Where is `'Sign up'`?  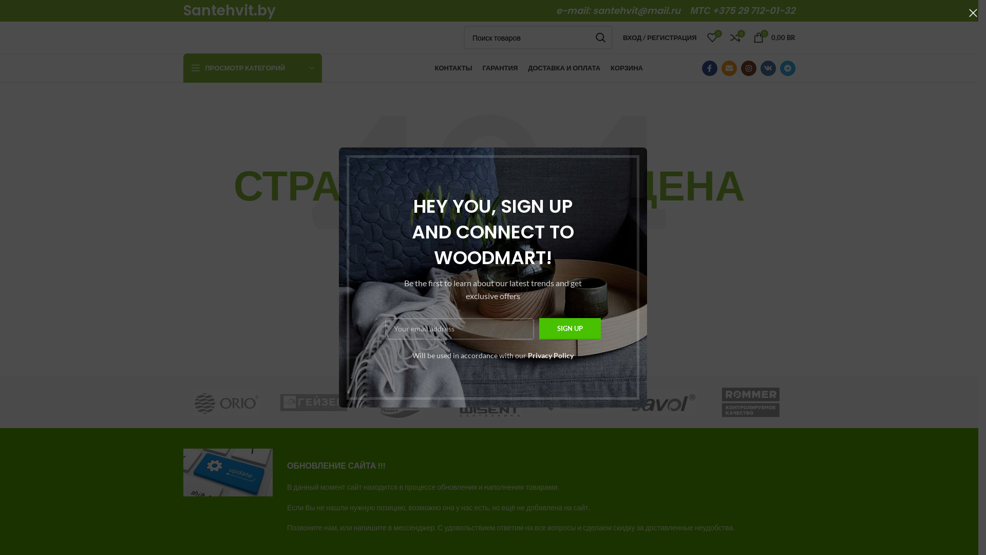 'Sign up' is located at coordinates (539, 329).